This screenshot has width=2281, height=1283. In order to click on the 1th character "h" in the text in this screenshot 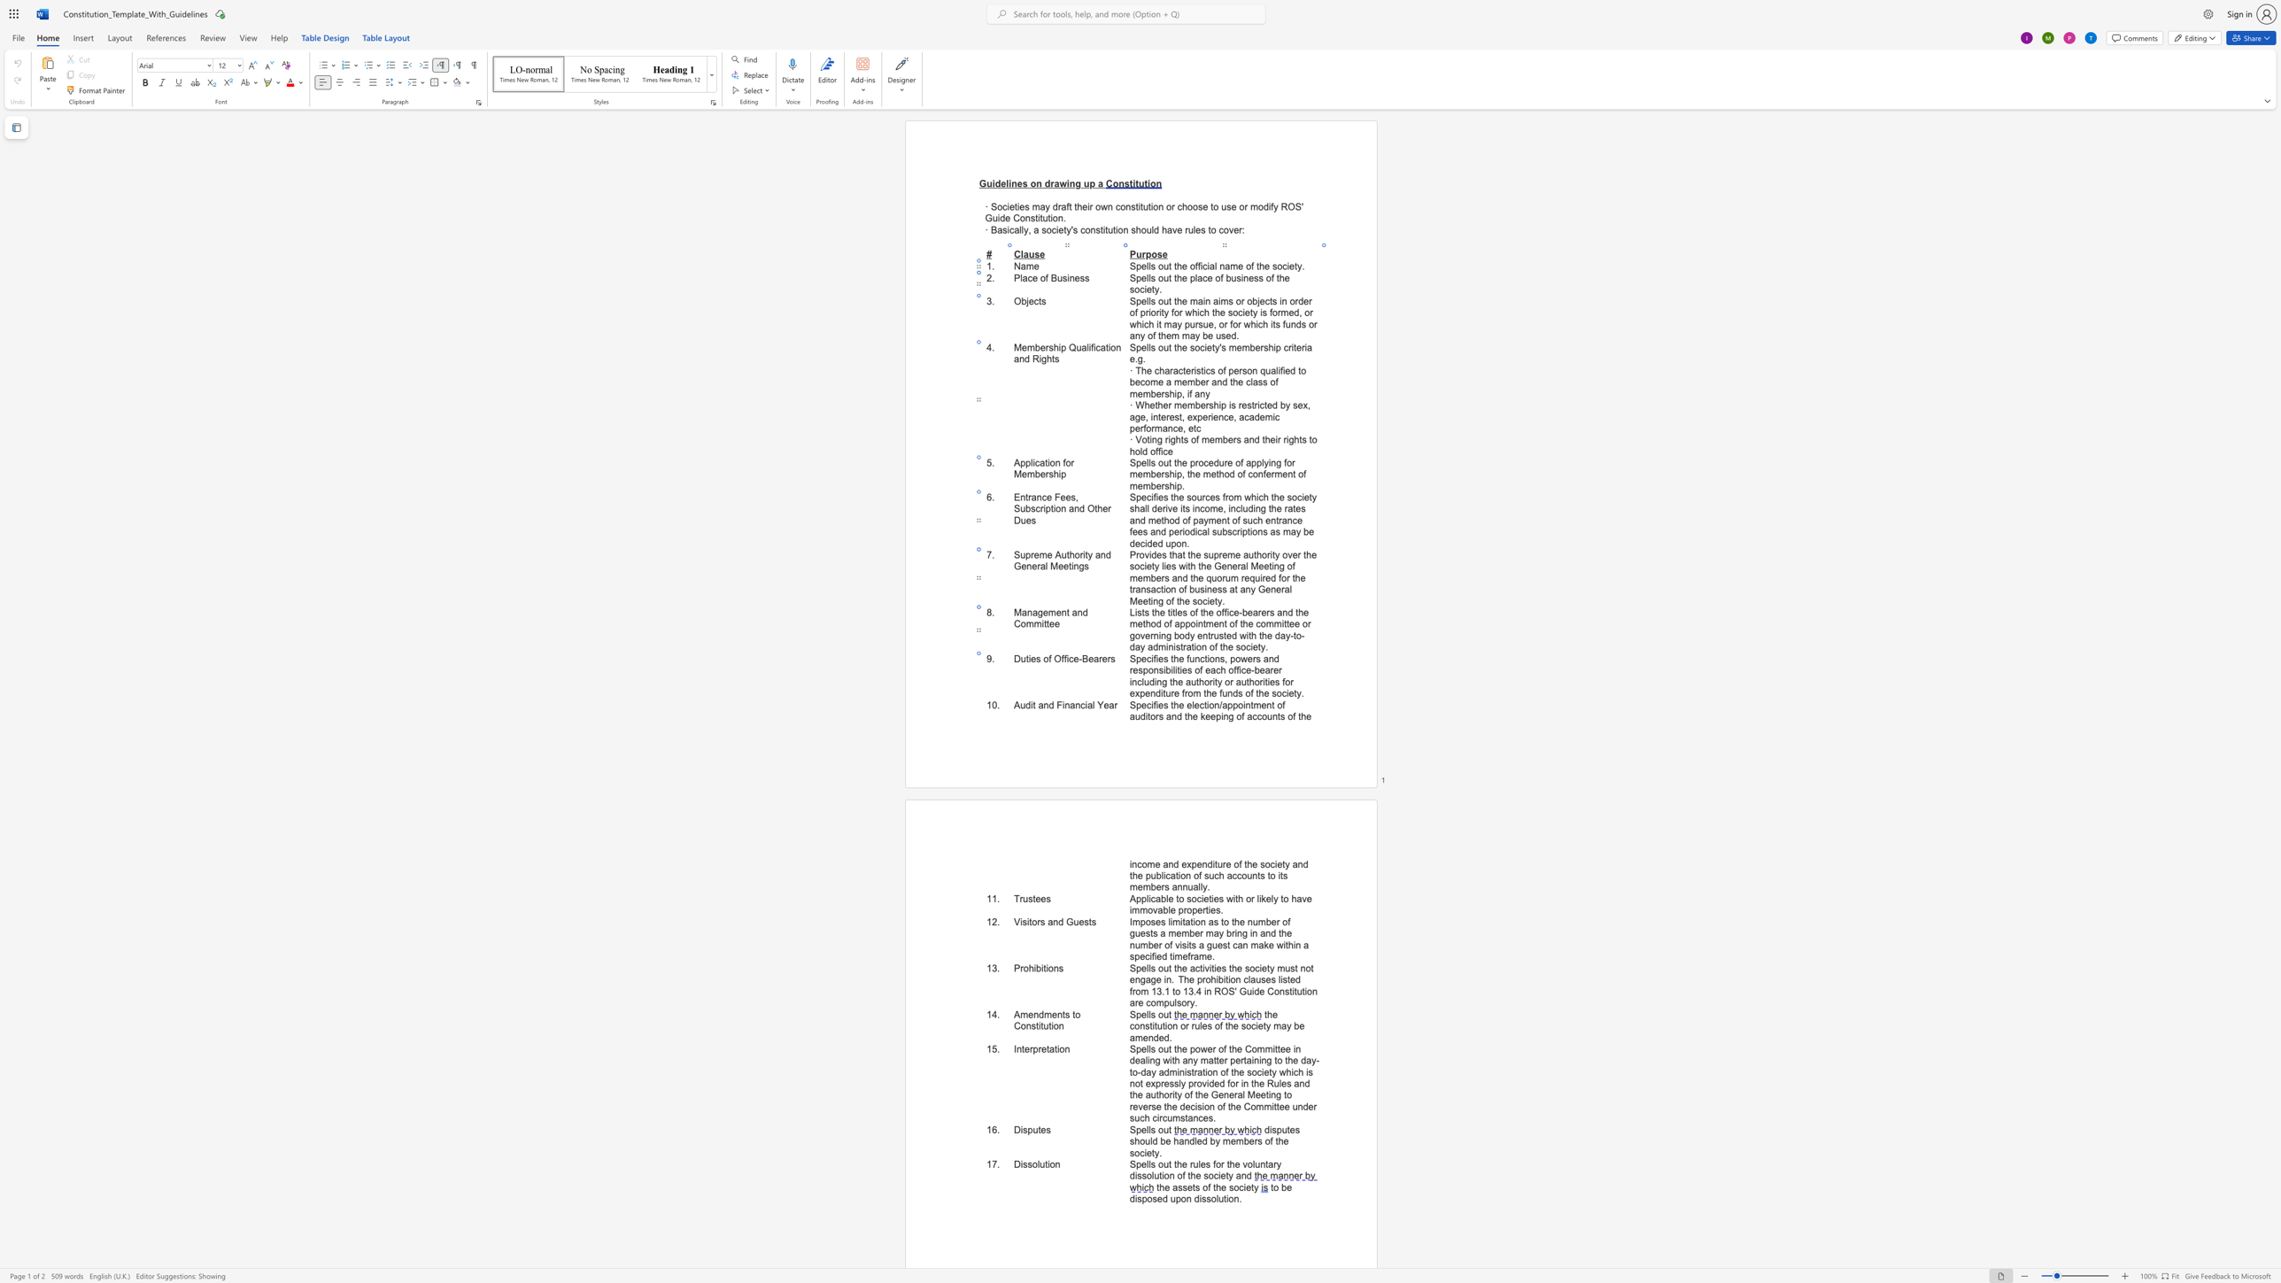, I will do `click(1176, 658)`.